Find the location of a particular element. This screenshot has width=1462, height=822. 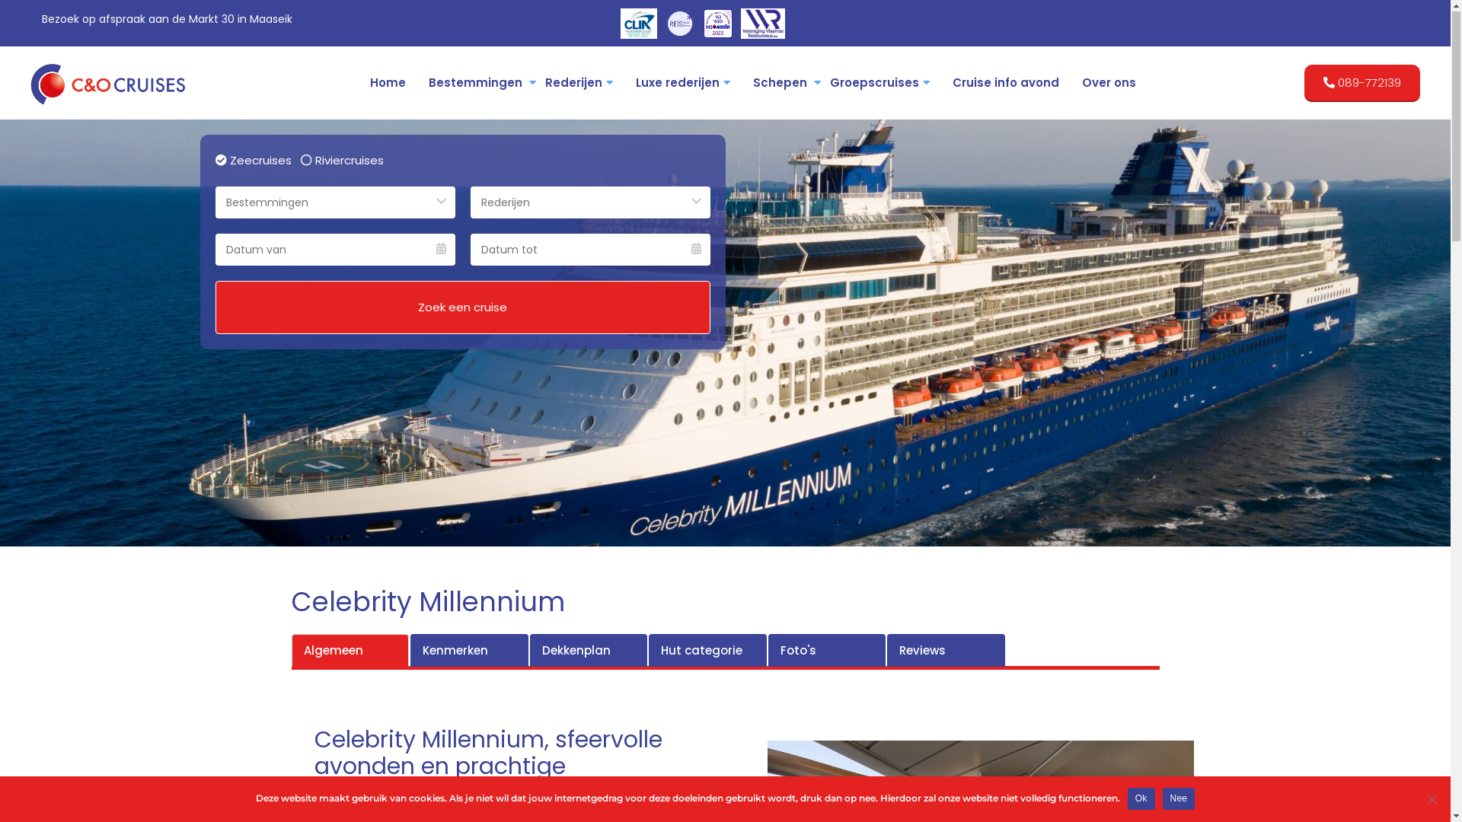

'Luxe rederijen' is located at coordinates (682, 84).